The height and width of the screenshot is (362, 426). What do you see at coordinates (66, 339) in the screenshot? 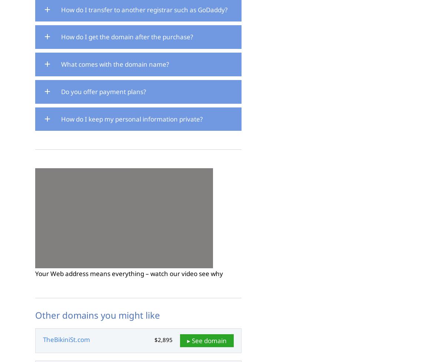
I see `'TheBikiniSt.com'` at bounding box center [66, 339].